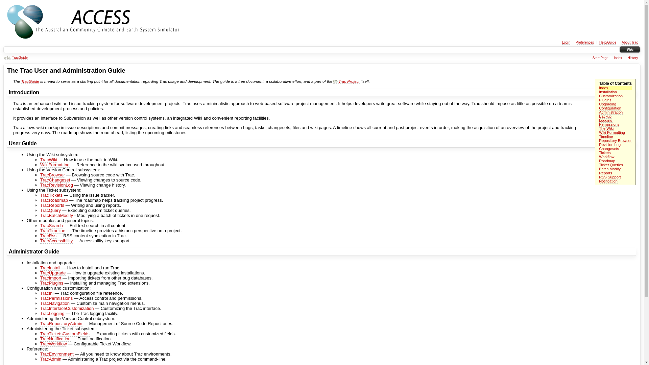 Image resolution: width=649 pixels, height=365 pixels. What do you see at coordinates (67, 309) in the screenshot?
I see `'TracInterfaceCustomization'` at bounding box center [67, 309].